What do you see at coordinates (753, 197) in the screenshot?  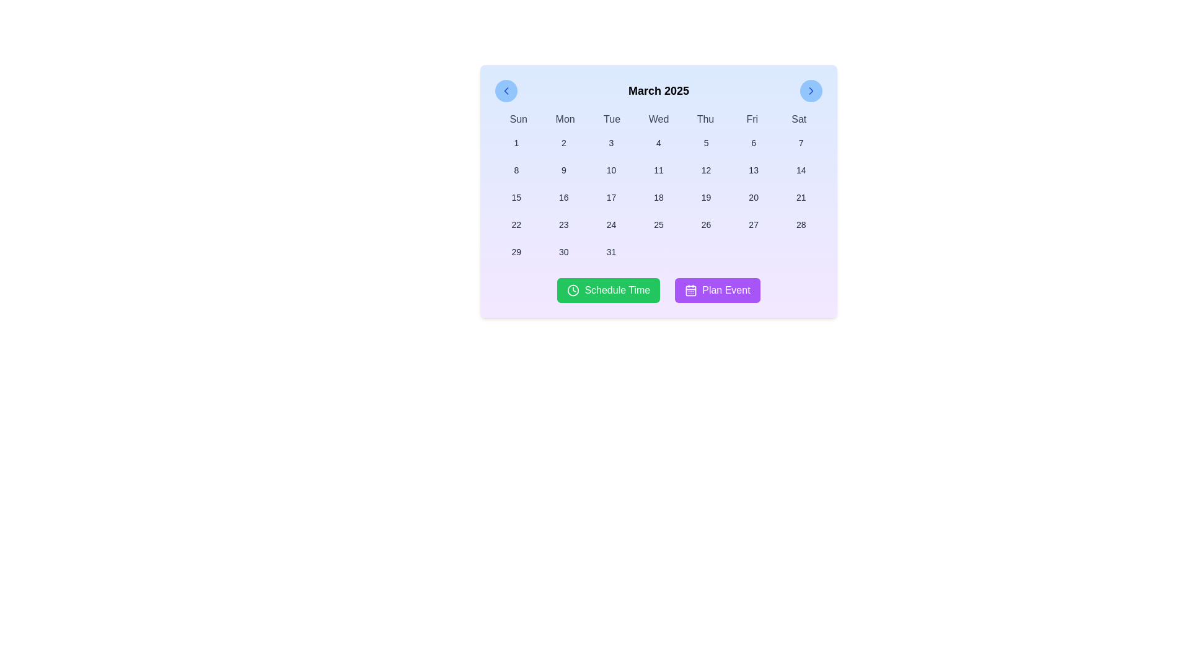 I see `the interactive calendar date button displaying the number '20', located` at bounding box center [753, 197].